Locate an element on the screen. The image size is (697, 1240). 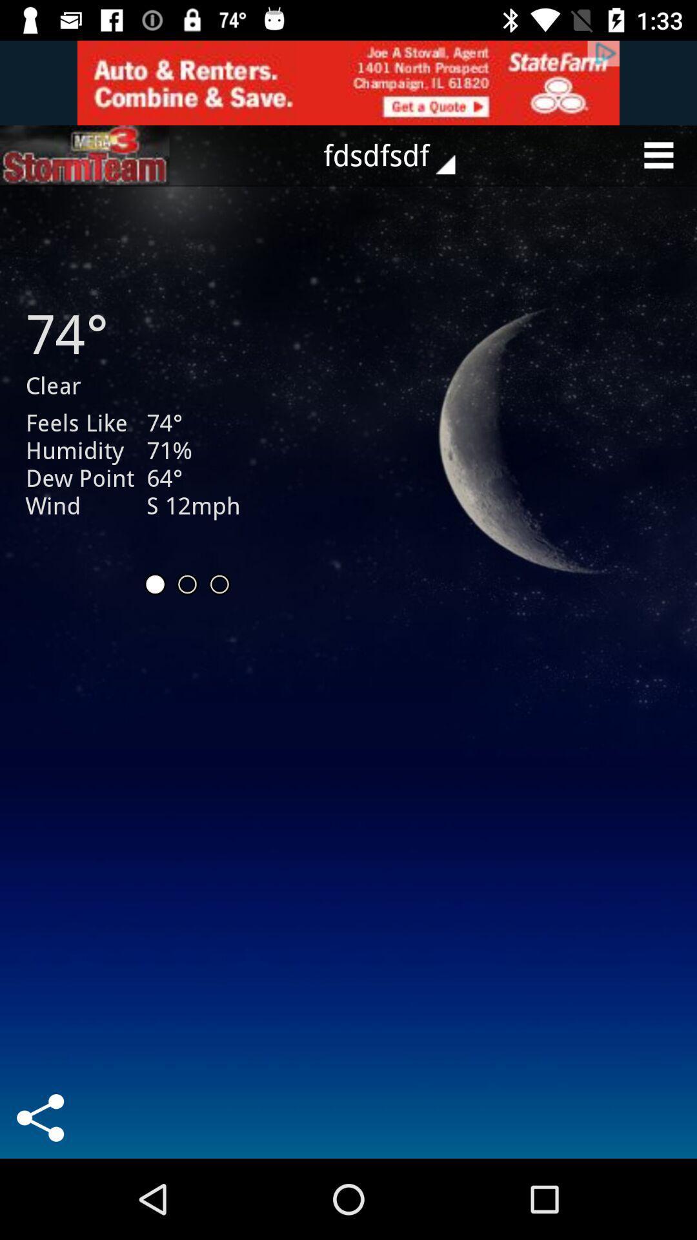
advertiser banner is located at coordinates (348, 82).